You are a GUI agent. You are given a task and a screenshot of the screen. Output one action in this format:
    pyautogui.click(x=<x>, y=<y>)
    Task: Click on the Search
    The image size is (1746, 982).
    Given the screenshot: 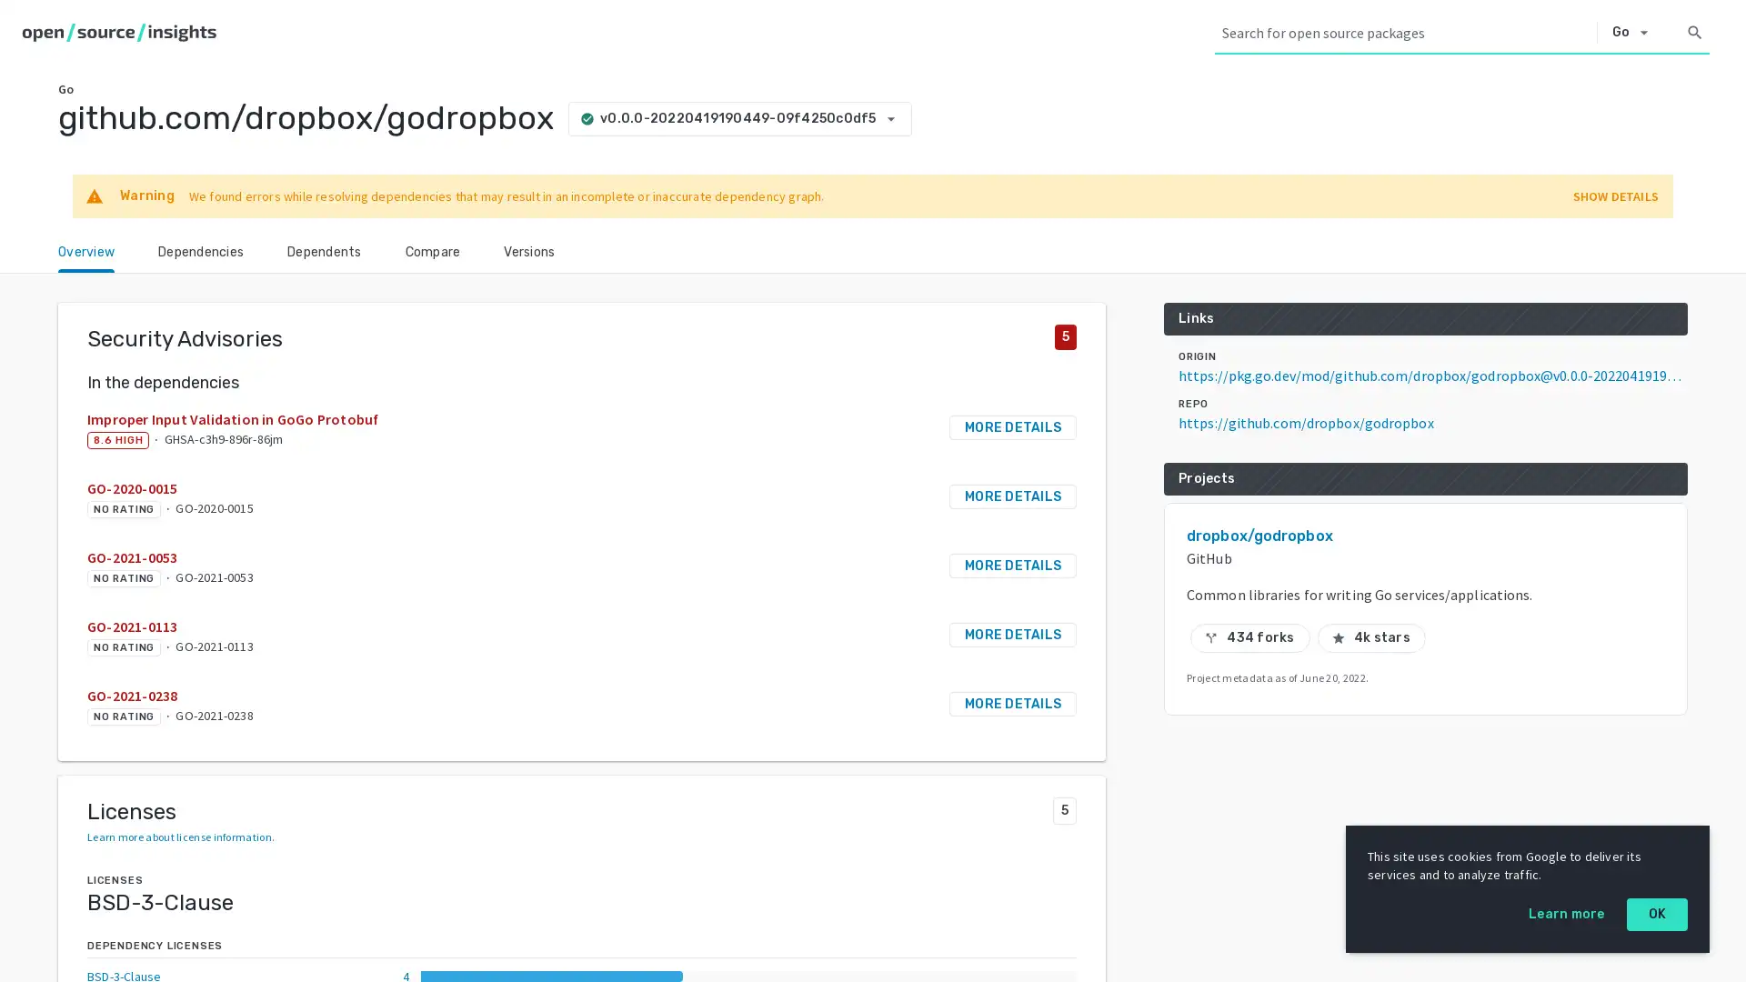 What is the action you would take?
    pyautogui.click(x=1693, y=32)
    